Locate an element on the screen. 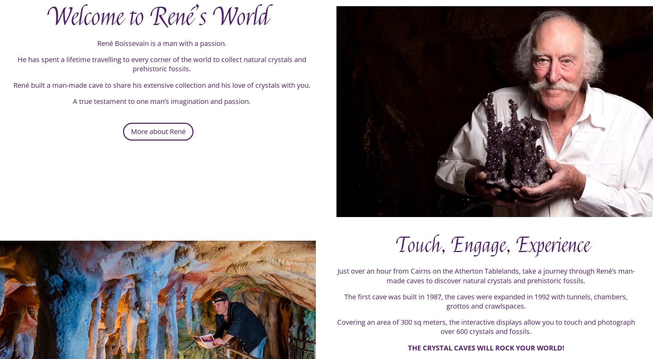 This screenshot has height=359, width=653. 'René built a man-made cave to share his extensive collection and his love of crystals with you.' is located at coordinates (161, 90).